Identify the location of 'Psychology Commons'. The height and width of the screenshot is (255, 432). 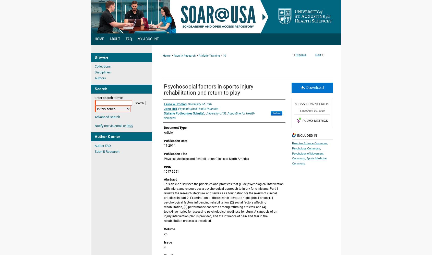
(306, 148).